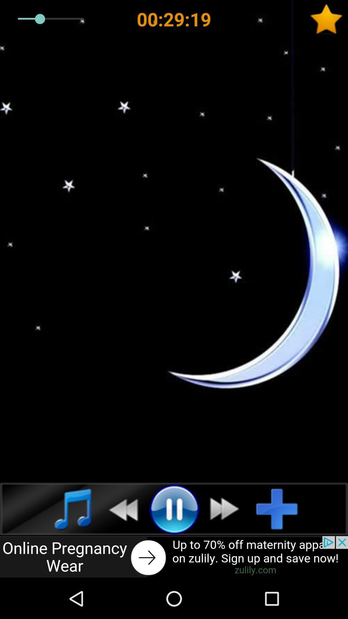  Describe the element at coordinates (329, 19) in the screenshot. I see `the star icon` at that location.